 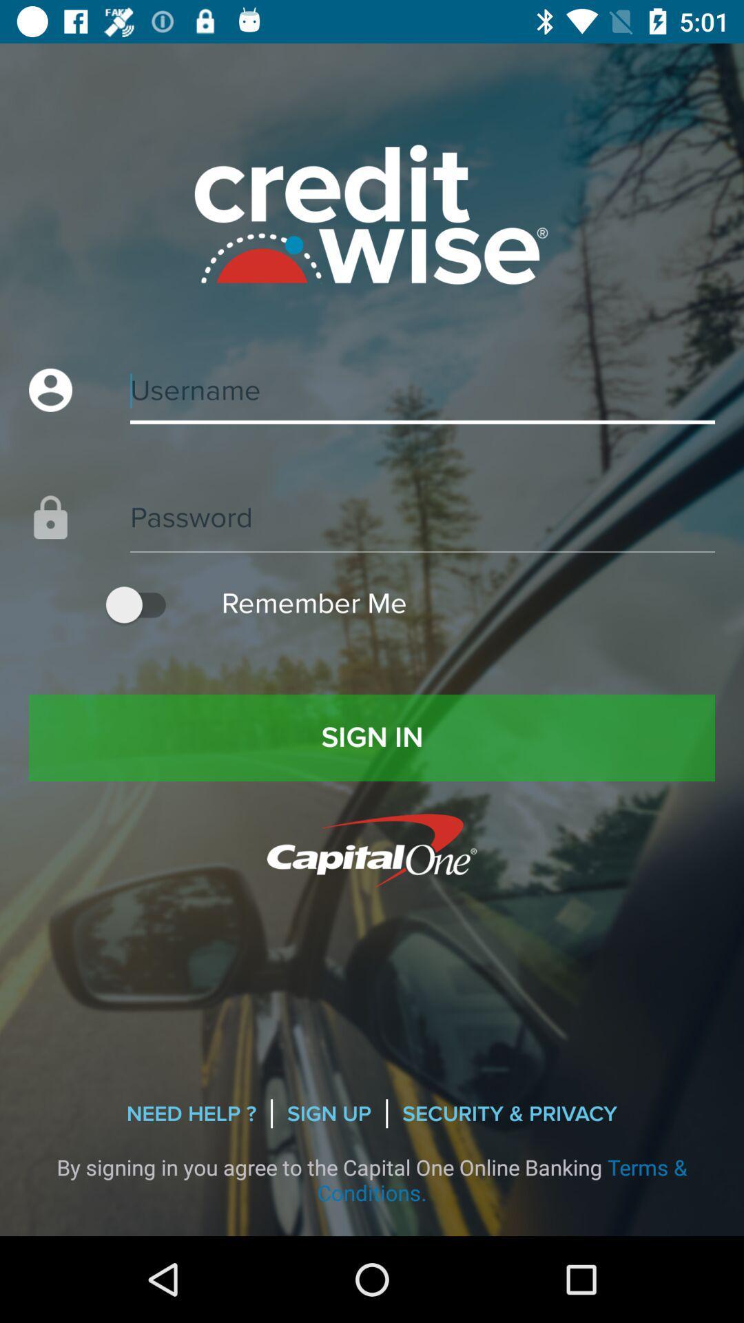 What do you see at coordinates (329, 1114) in the screenshot?
I see `sign up` at bounding box center [329, 1114].